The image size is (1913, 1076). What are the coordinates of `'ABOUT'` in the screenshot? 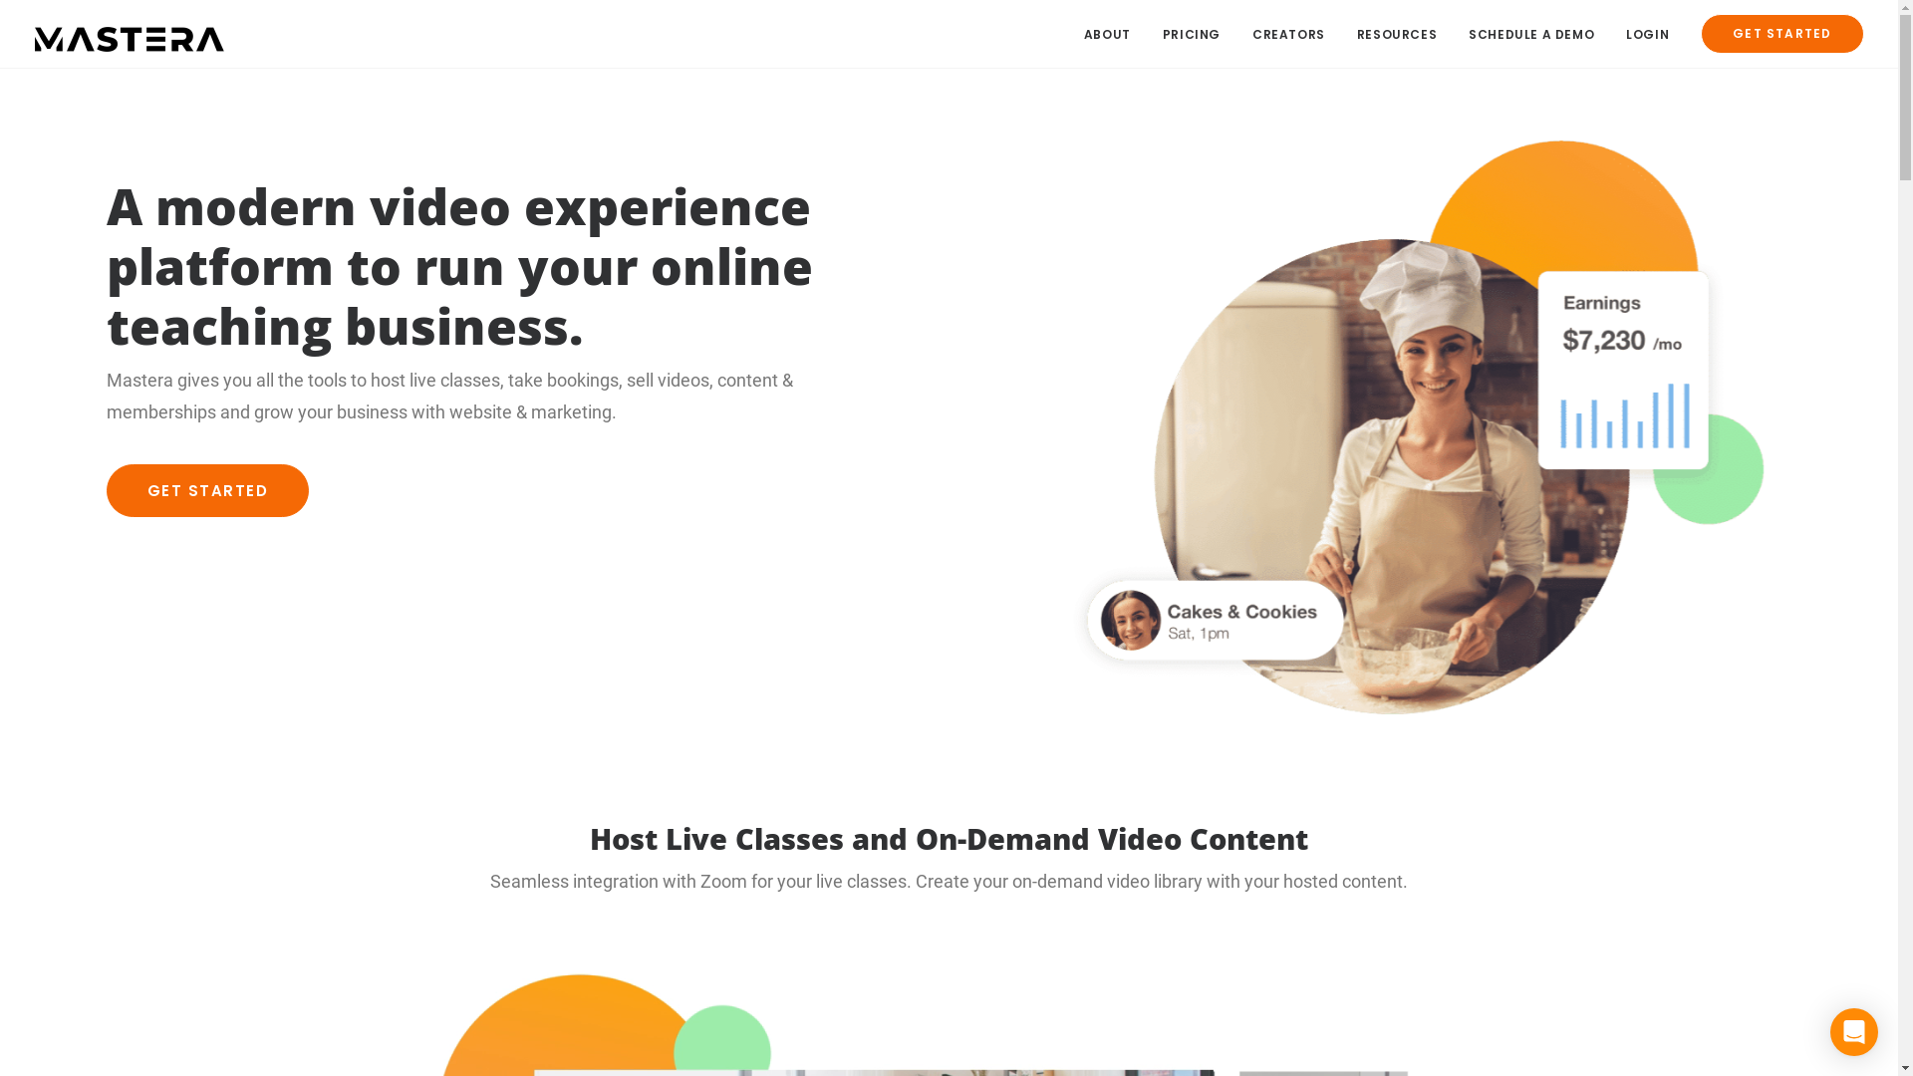 It's located at (1113, 34).